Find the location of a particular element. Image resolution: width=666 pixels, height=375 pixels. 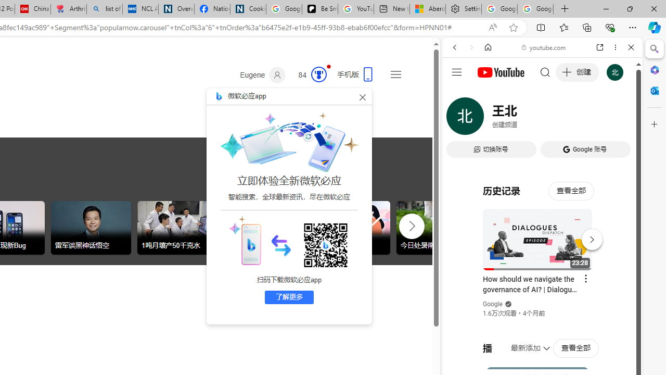

'Open link in new tab' is located at coordinates (600, 47).